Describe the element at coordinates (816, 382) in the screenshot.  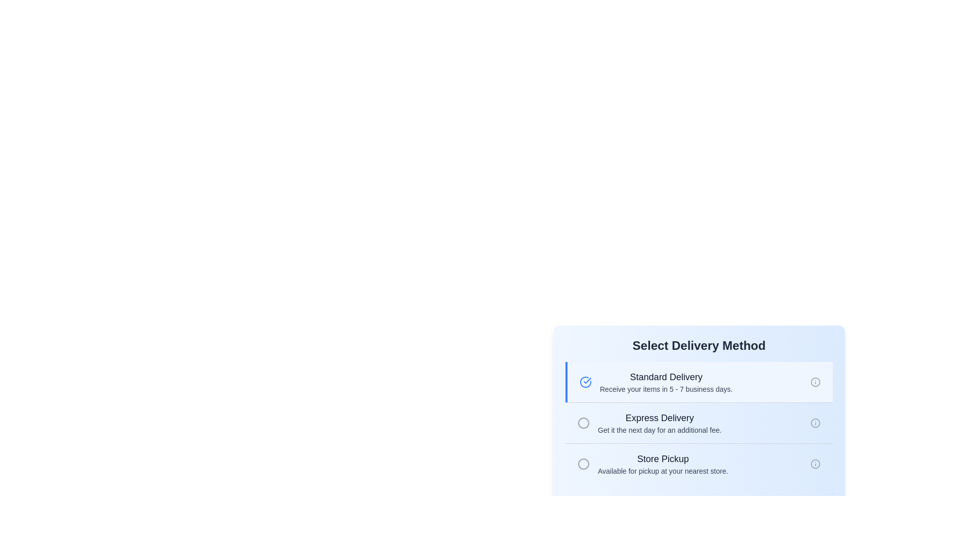
I see `the SVG Info Icon, which is a hollow circle with an exclamation mark, located in the top-right region of the 'Standard Delivery' card under 'Select Delivery Method'` at that location.